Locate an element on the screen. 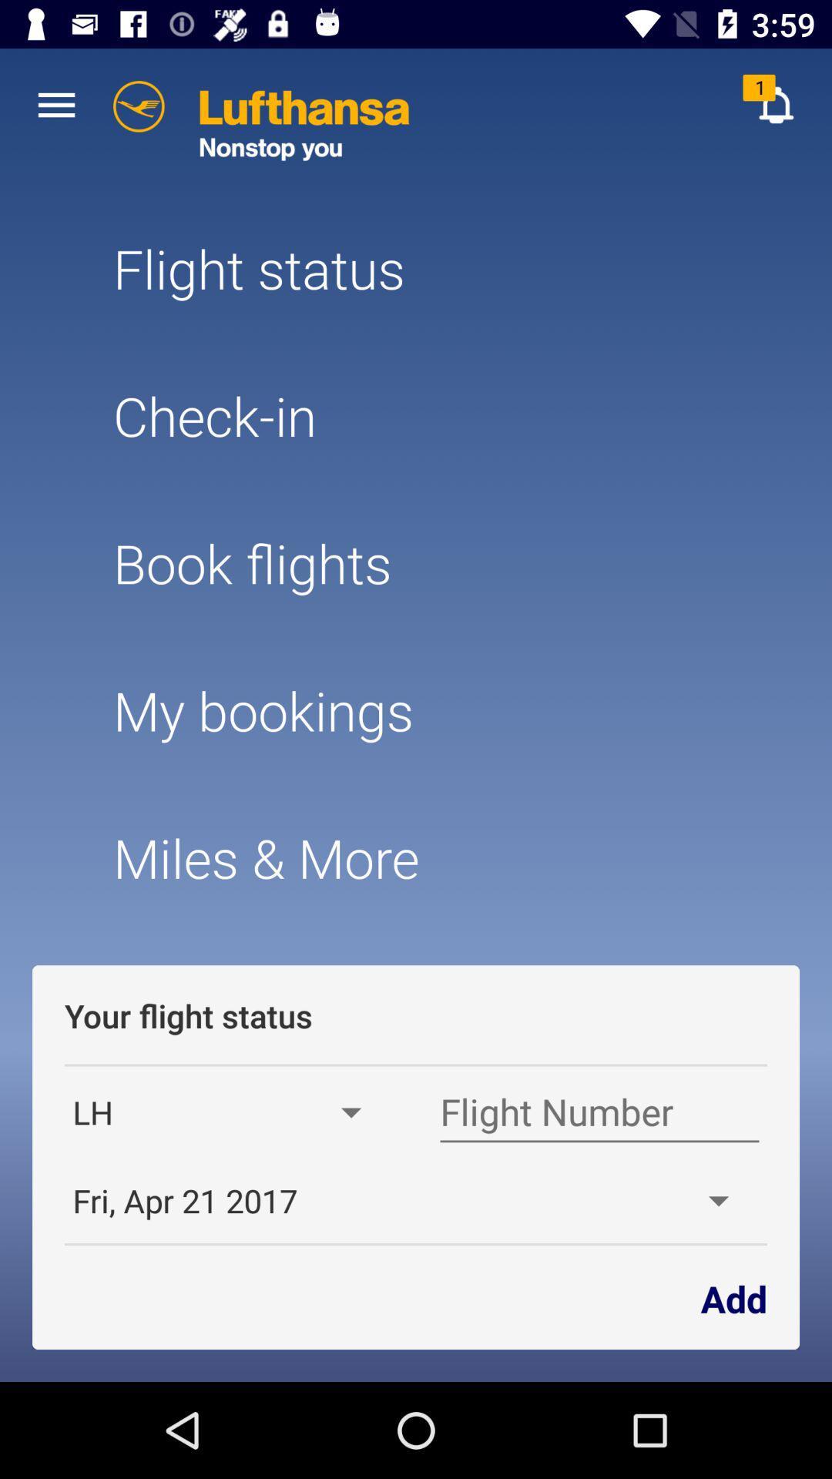  the check-in item is located at coordinates (416, 415).